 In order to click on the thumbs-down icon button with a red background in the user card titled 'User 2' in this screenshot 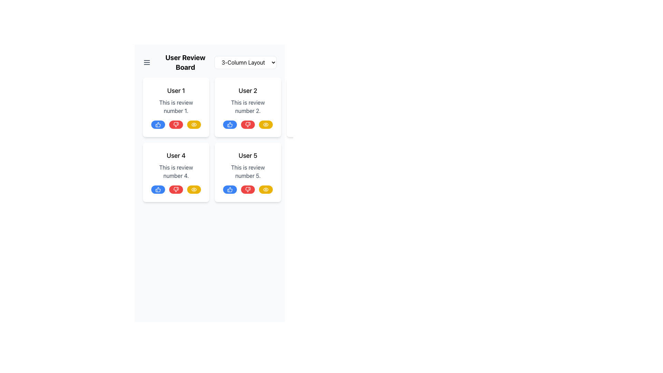, I will do `click(248, 125)`.